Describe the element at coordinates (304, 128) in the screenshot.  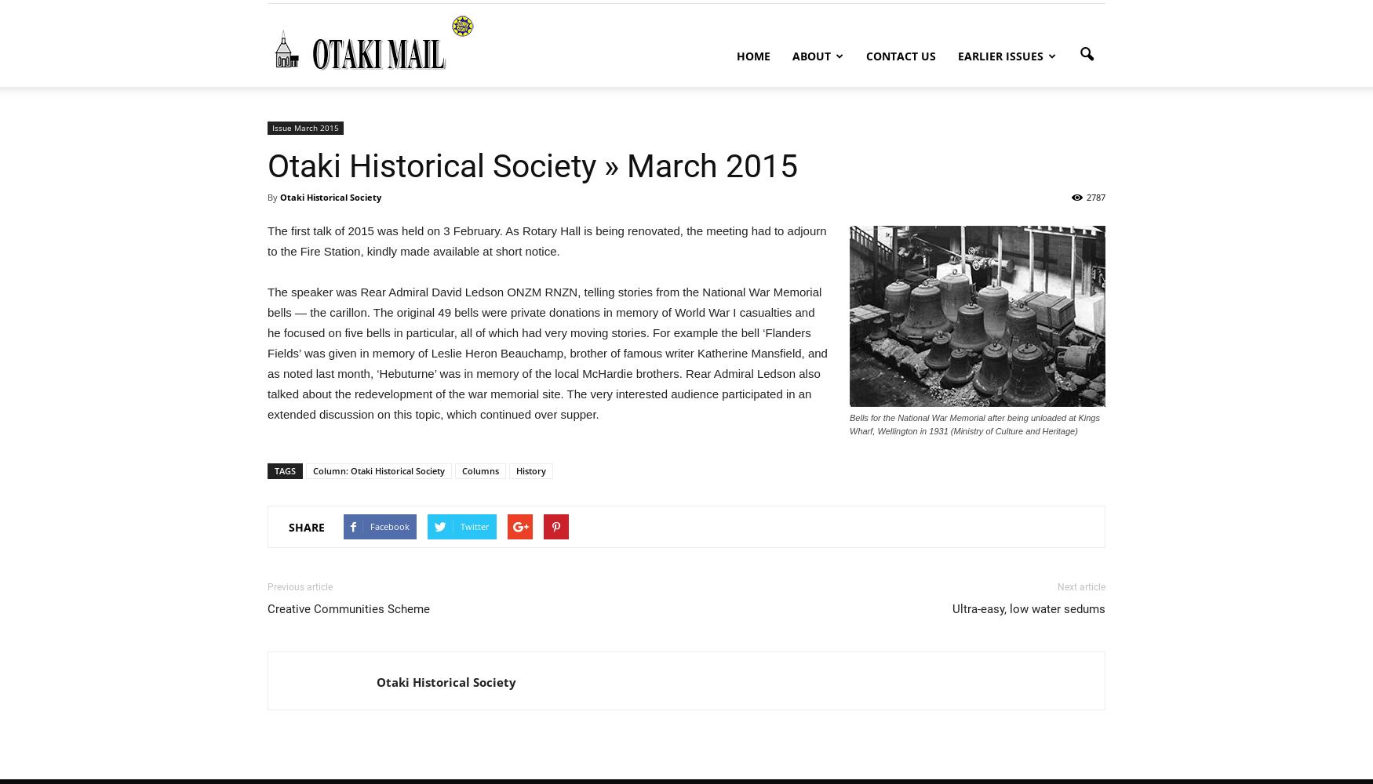
I see `'Issue March 2015'` at that location.